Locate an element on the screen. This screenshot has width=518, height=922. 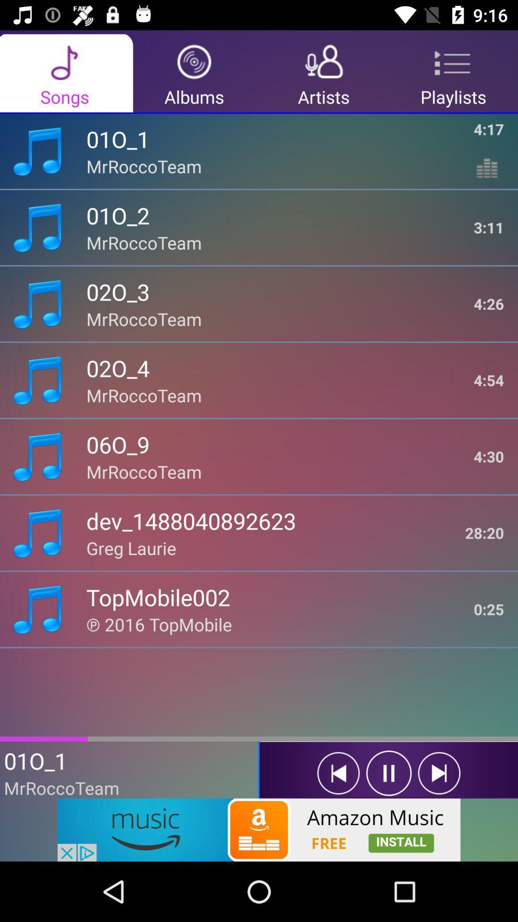
pause is located at coordinates (388, 773).